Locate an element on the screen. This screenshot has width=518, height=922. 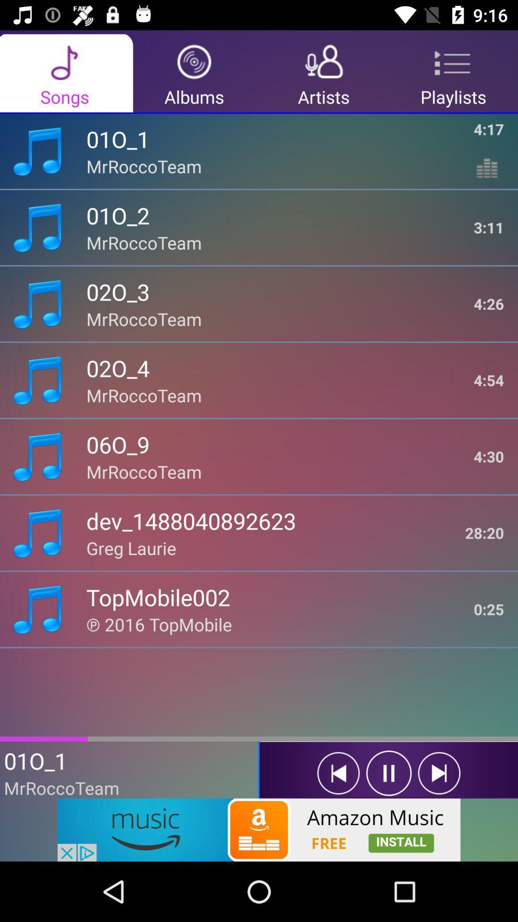
pause is located at coordinates (388, 773).